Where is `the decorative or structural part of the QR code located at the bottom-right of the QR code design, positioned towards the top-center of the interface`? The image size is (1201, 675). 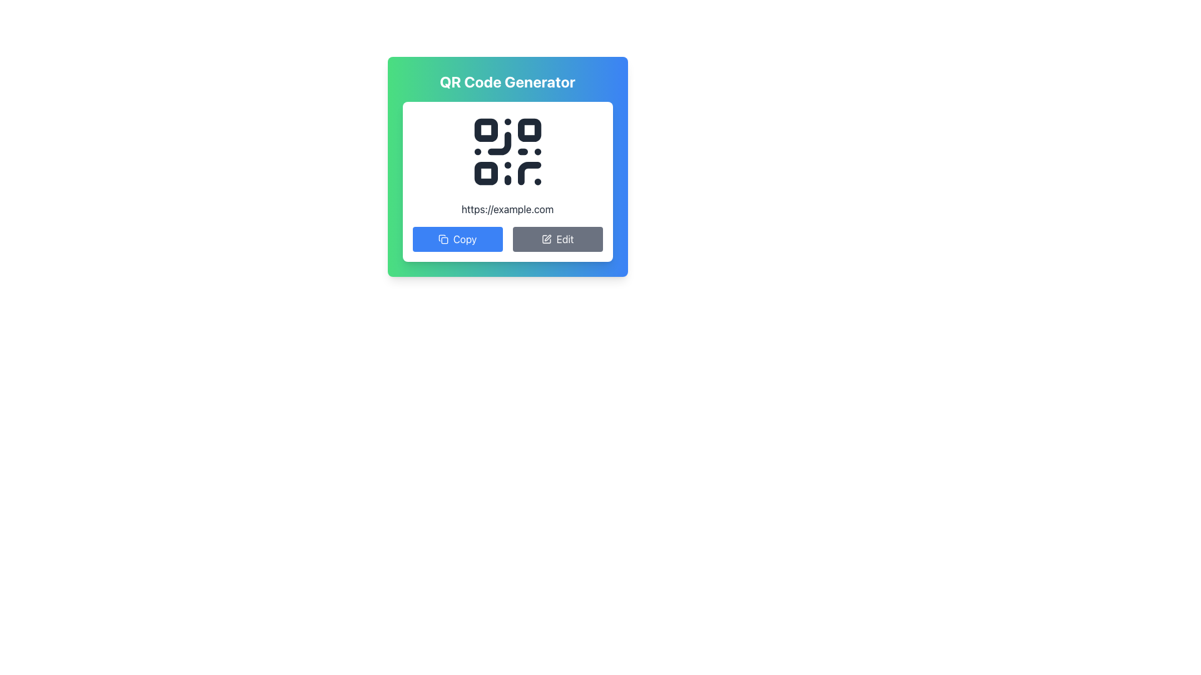
the decorative or structural part of the QR code located at the bottom-right of the QR code design, positioned towards the top-center of the interface is located at coordinates (529, 173).